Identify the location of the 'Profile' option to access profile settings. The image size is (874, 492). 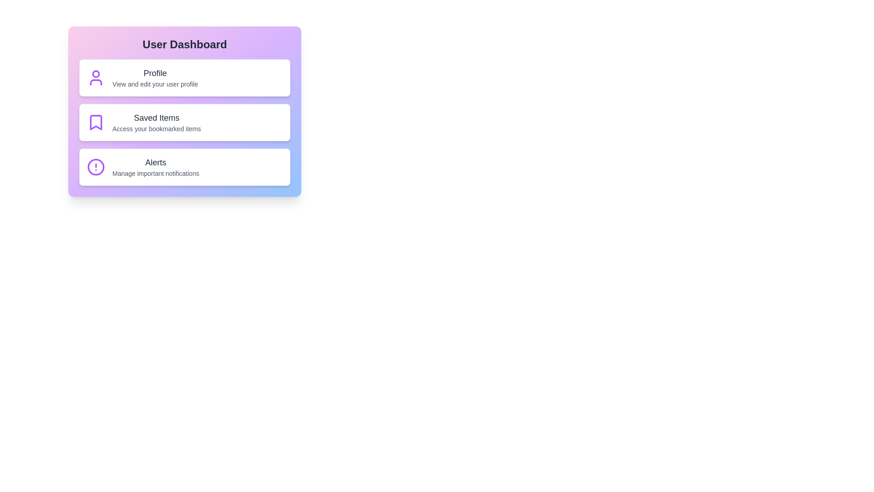
(184, 77).